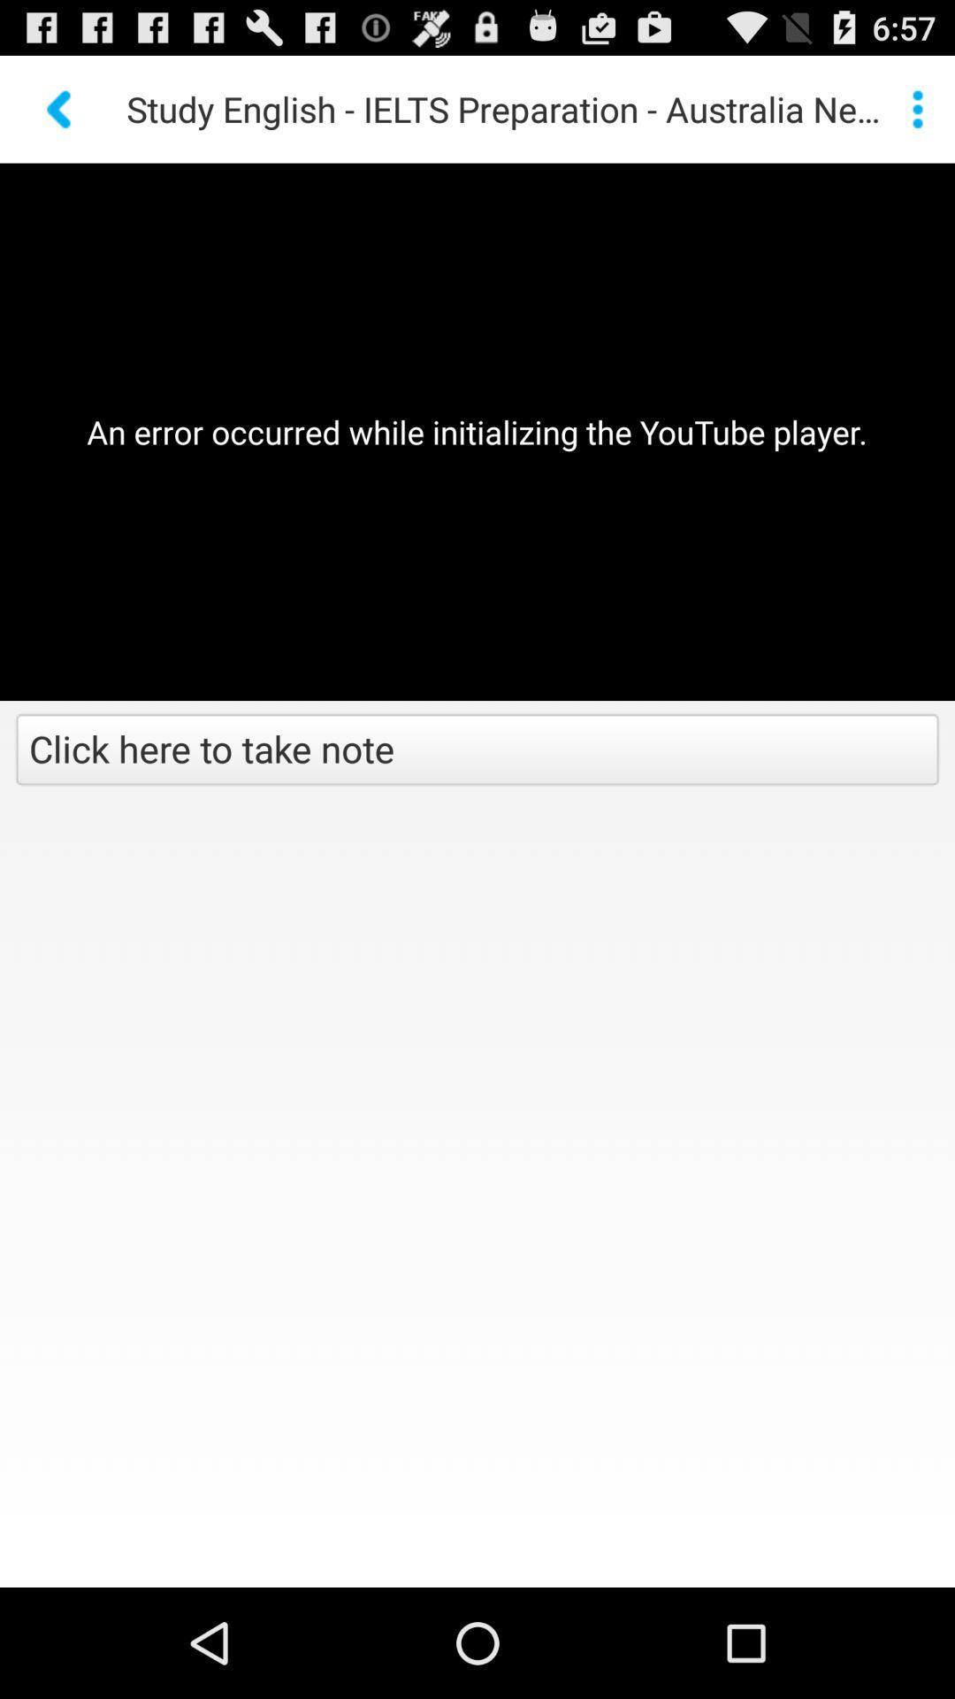 The height and width of the screenshot is (1699, 955). Describe the element at coordinates (60, 108) in the screenshot. I see `the icon above the an error occurred app` at that location.